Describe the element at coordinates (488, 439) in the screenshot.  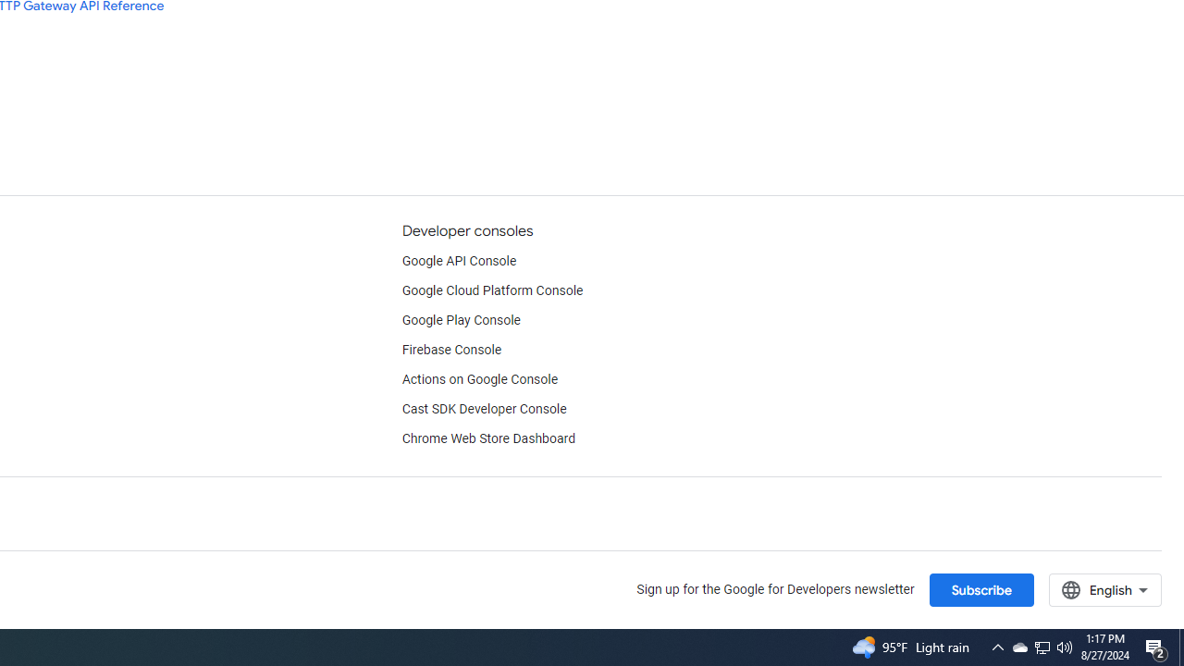
I see `'Chrome Web Store Dashboard'` at that location.